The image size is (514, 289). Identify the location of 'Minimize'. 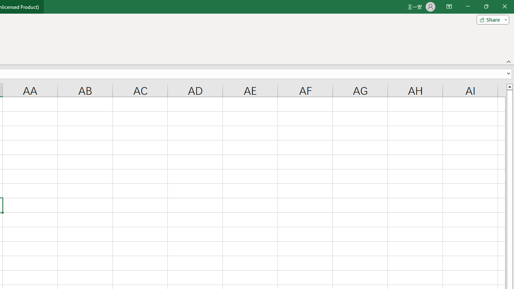
(467, 6).